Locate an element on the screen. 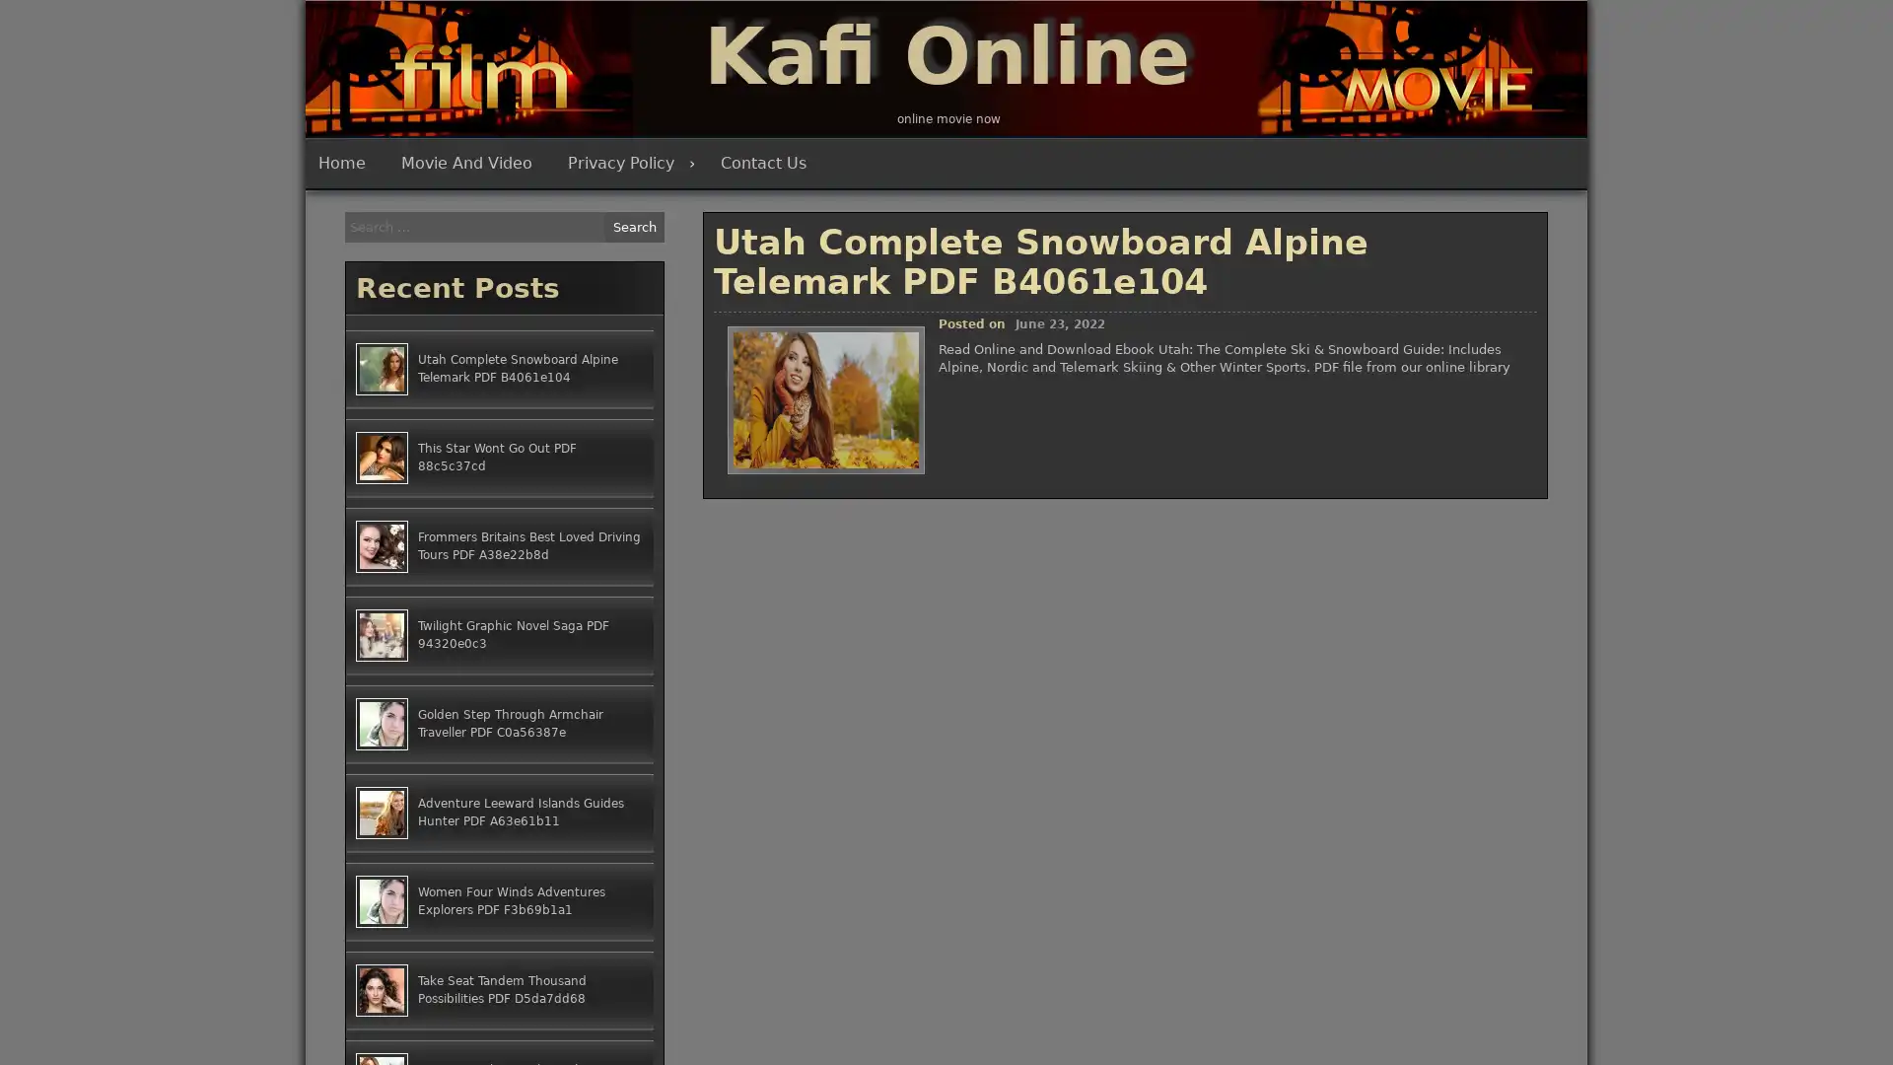 This screenshot has height=1065, width=1893. Search is located at coordinates (634, 226).